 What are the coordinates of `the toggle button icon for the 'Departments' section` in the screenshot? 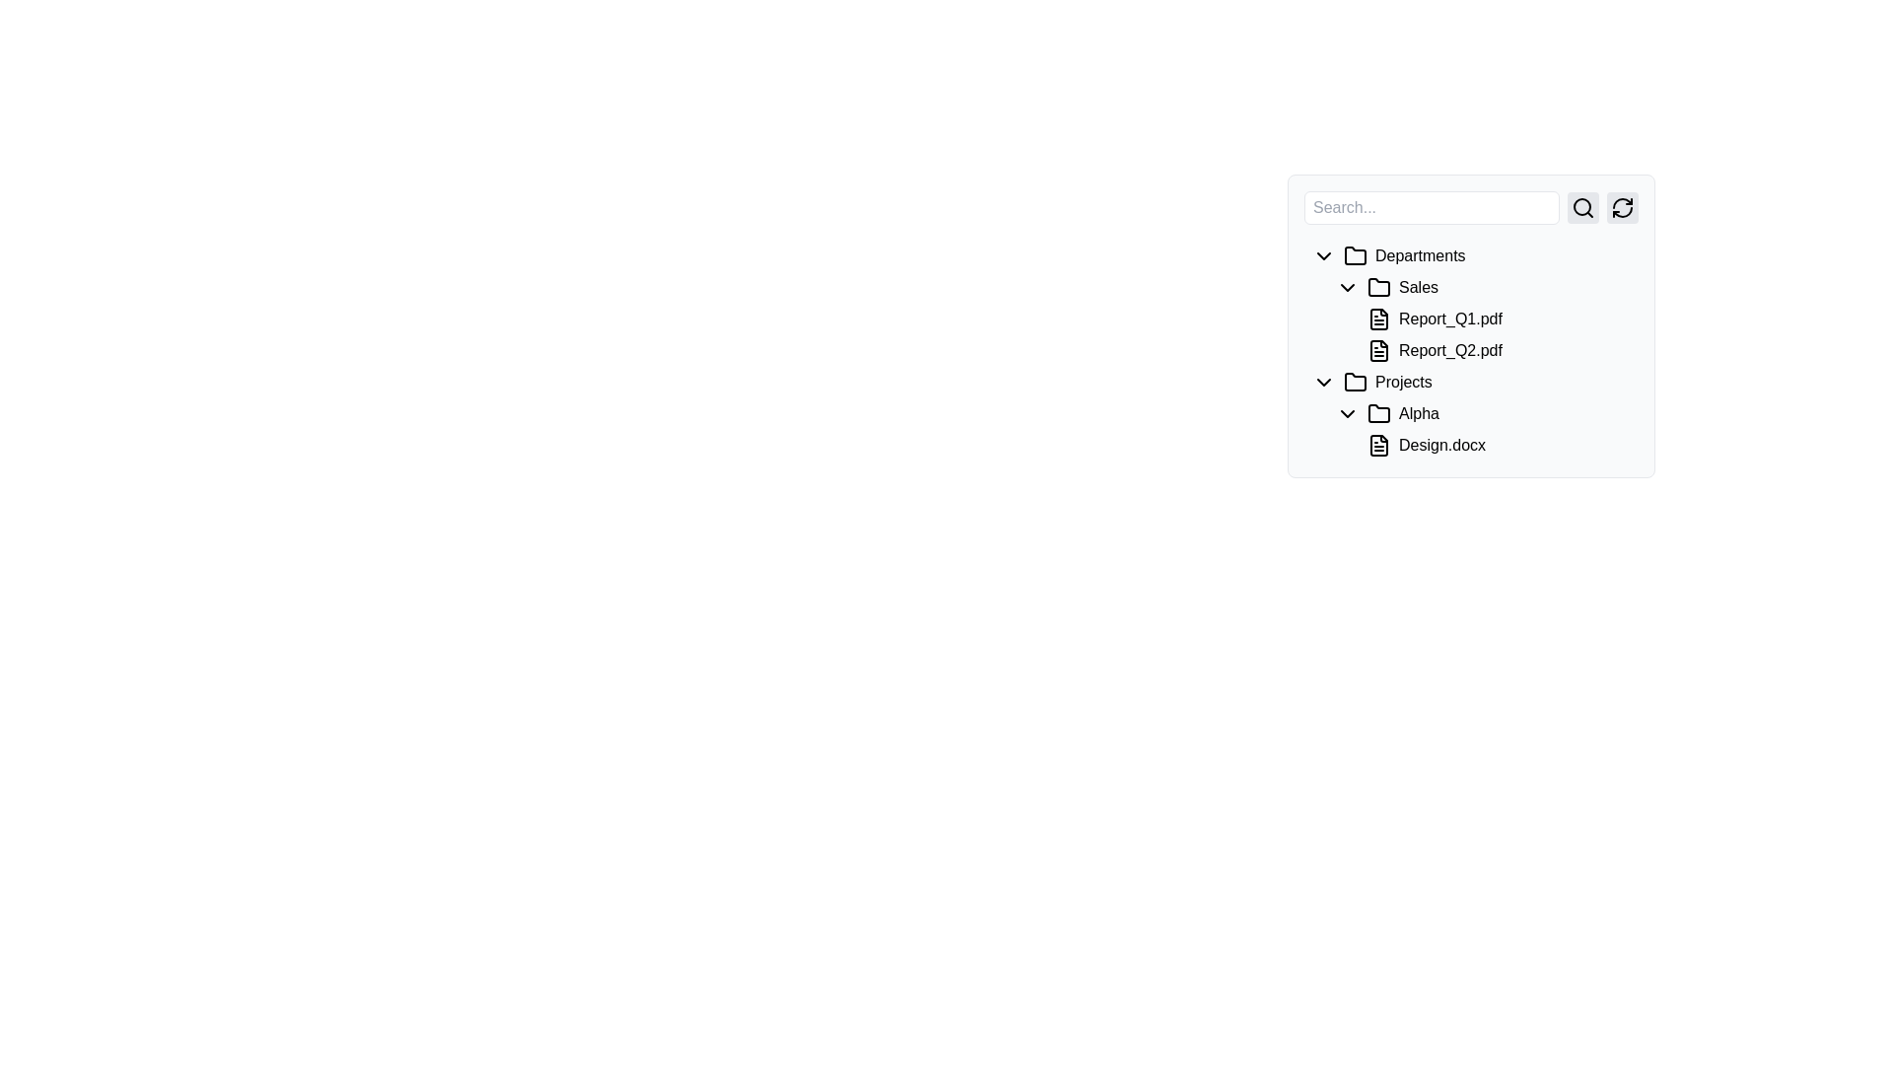 It's located at (1324, 254).